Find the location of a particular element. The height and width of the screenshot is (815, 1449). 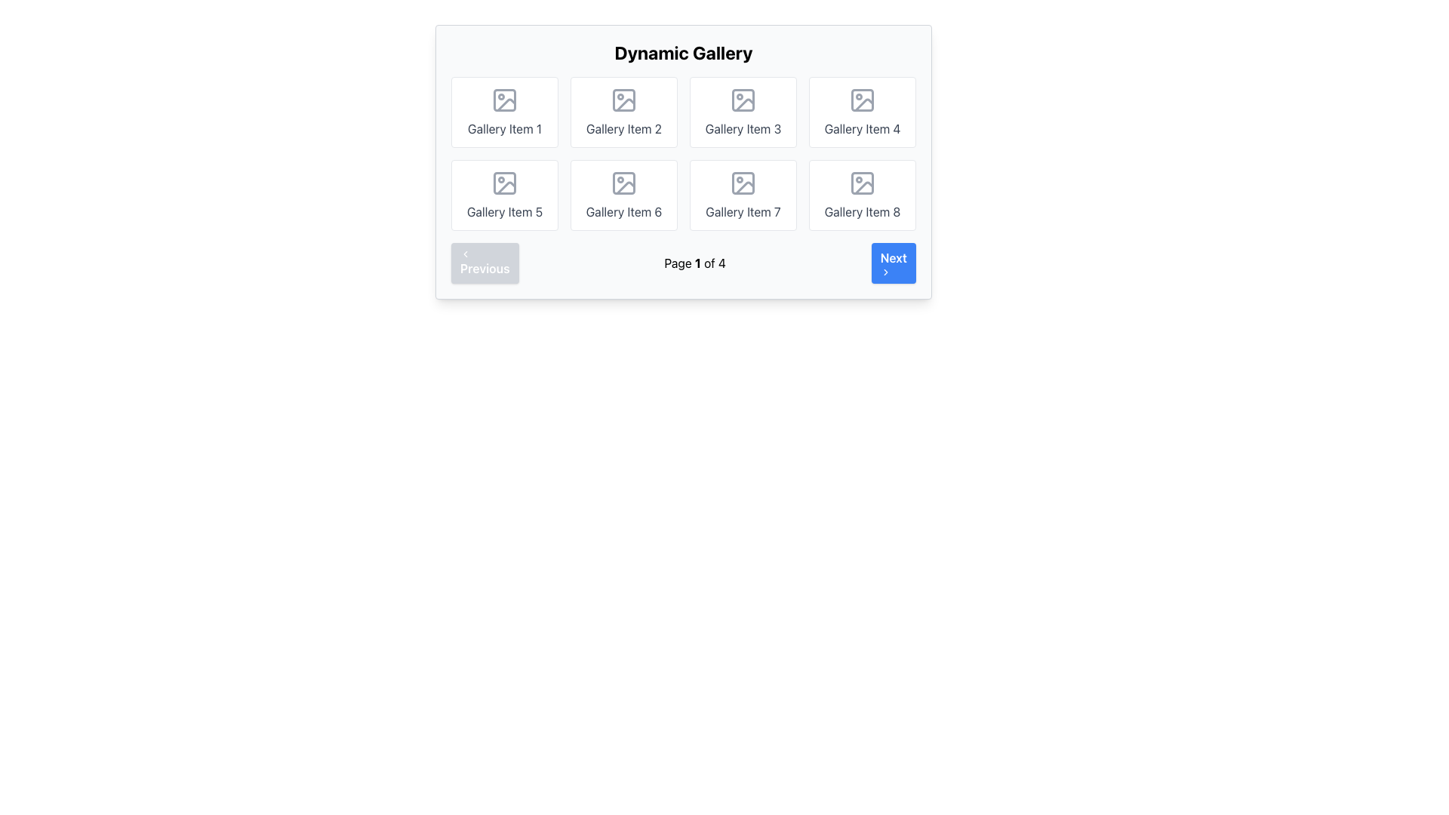

the text label indicating the current page number in the pagination system, which displays 'Page 1 of 4' and is located centrally beneath the gallery grid between the 'Previous' and 'Next' buttons is located at coordinates (697, 262).